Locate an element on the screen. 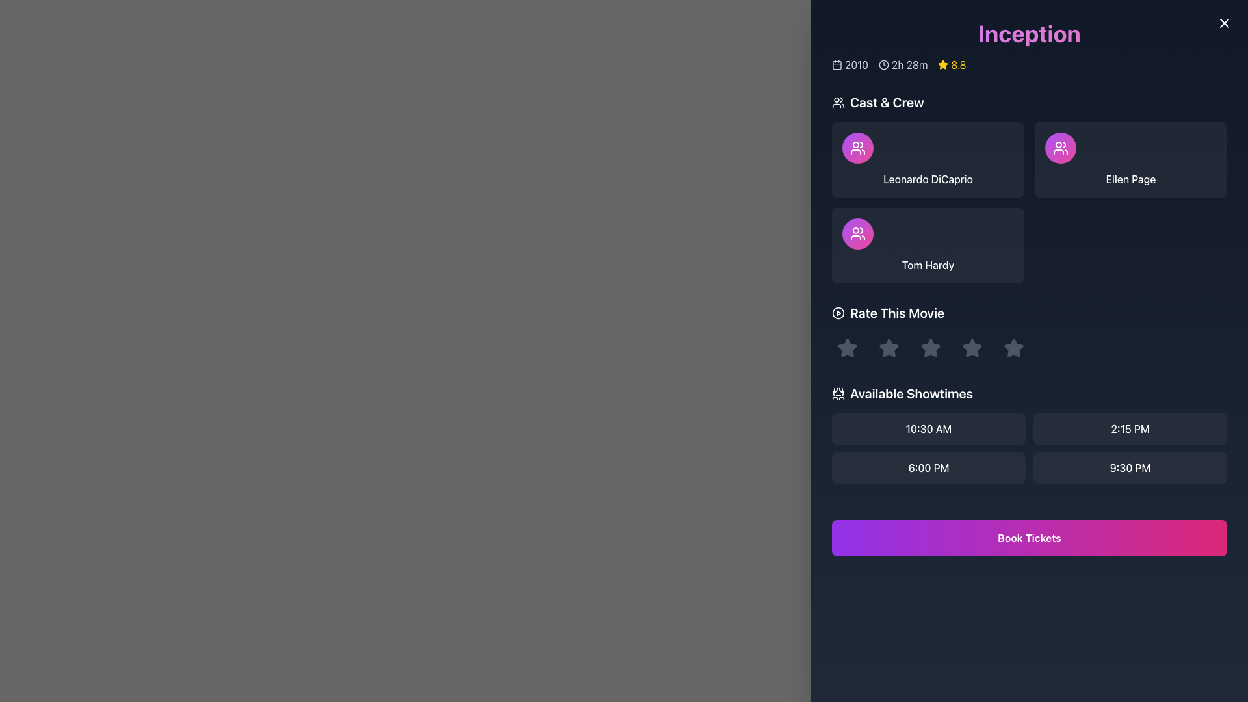 Image resolution: width=1248 pixels, height=702 pixels. the ticket booking button located at the bottom section of the panel is located at coordinates (1029, 530).